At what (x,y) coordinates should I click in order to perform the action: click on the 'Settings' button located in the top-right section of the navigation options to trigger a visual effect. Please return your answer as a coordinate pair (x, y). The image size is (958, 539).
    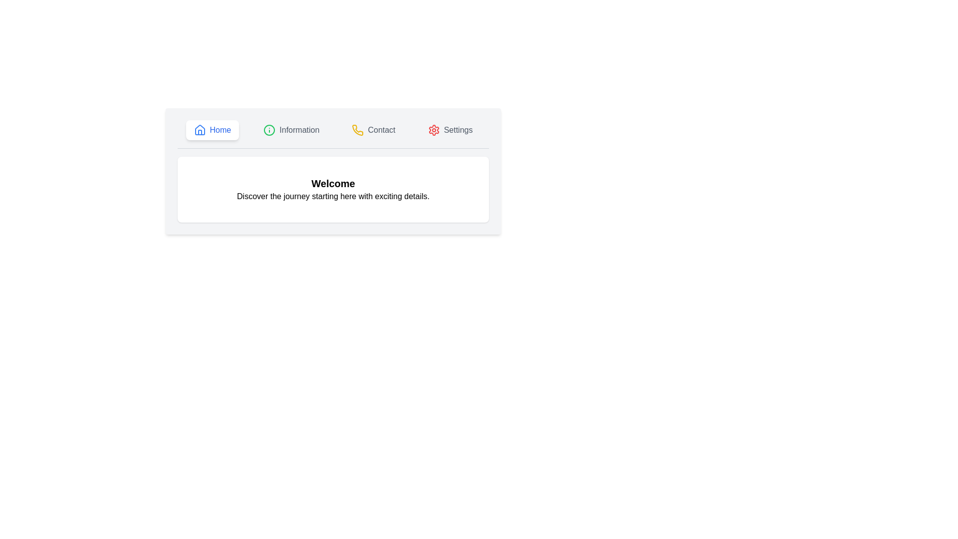
    Looking at the image, I should click on (450, 130).